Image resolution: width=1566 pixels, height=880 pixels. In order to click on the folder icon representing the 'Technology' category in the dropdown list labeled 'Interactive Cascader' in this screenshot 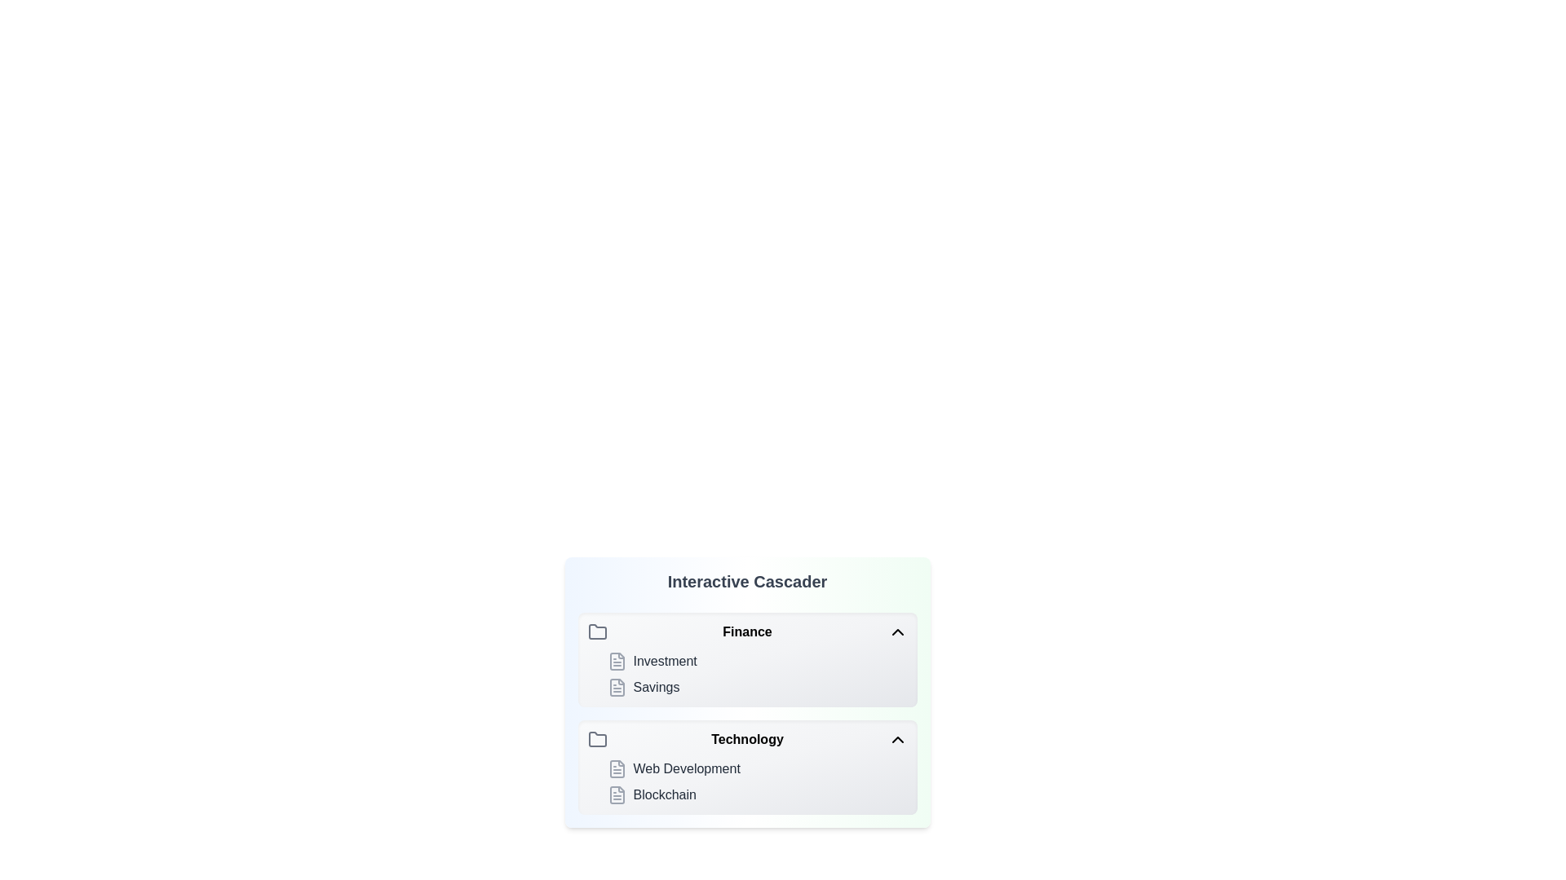, I will do `click(596, 739)`.